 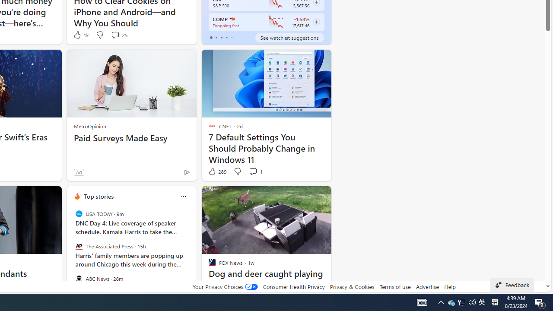 What do you see at coordinates (114, 35) in the screenshot?
I see `'View comments 25 Comment'` at bounding box center [114, 35].